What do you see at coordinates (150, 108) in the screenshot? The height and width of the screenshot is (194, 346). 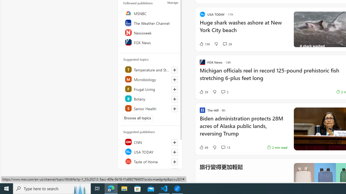 I see `'Class: highlight'` at bounding box center [150, 108].